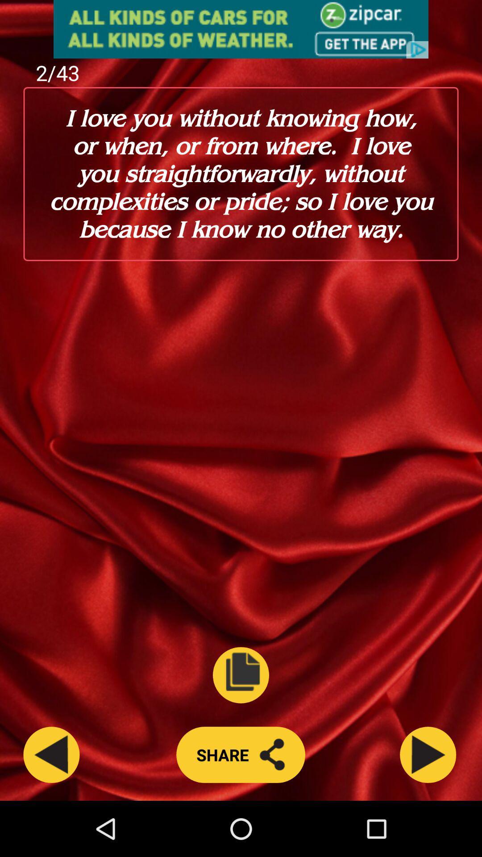  What do you see at coordinates (51, 754) in the screenshot?
I see `previous` at bounding box center [51, 754].